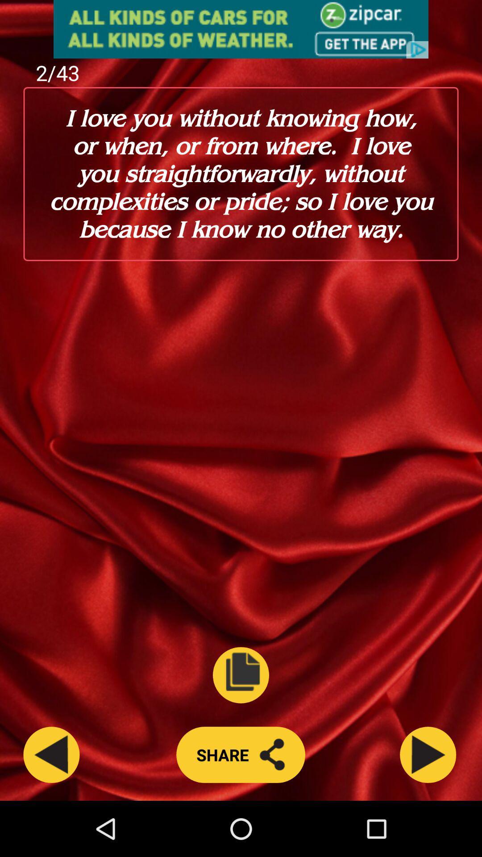  What do you see at coordinates (51, 754) in the screenshot?
I see `previous` at bounding box center [51, 754].